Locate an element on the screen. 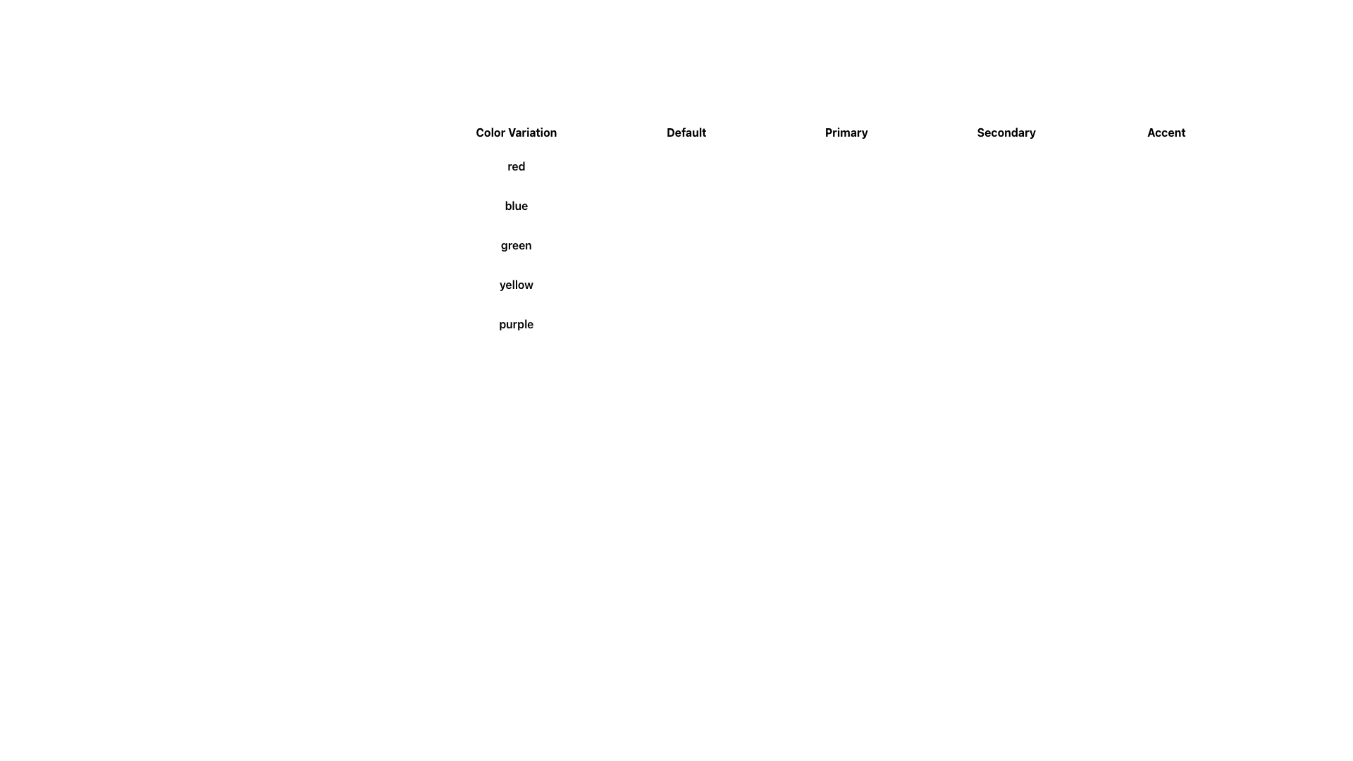 The image size is (1353, 761). the text label representing the 'yellow' color, located in the second column under the 'Default' heading as the fourth entry in the vertical list is located at coordinates (515, 285).